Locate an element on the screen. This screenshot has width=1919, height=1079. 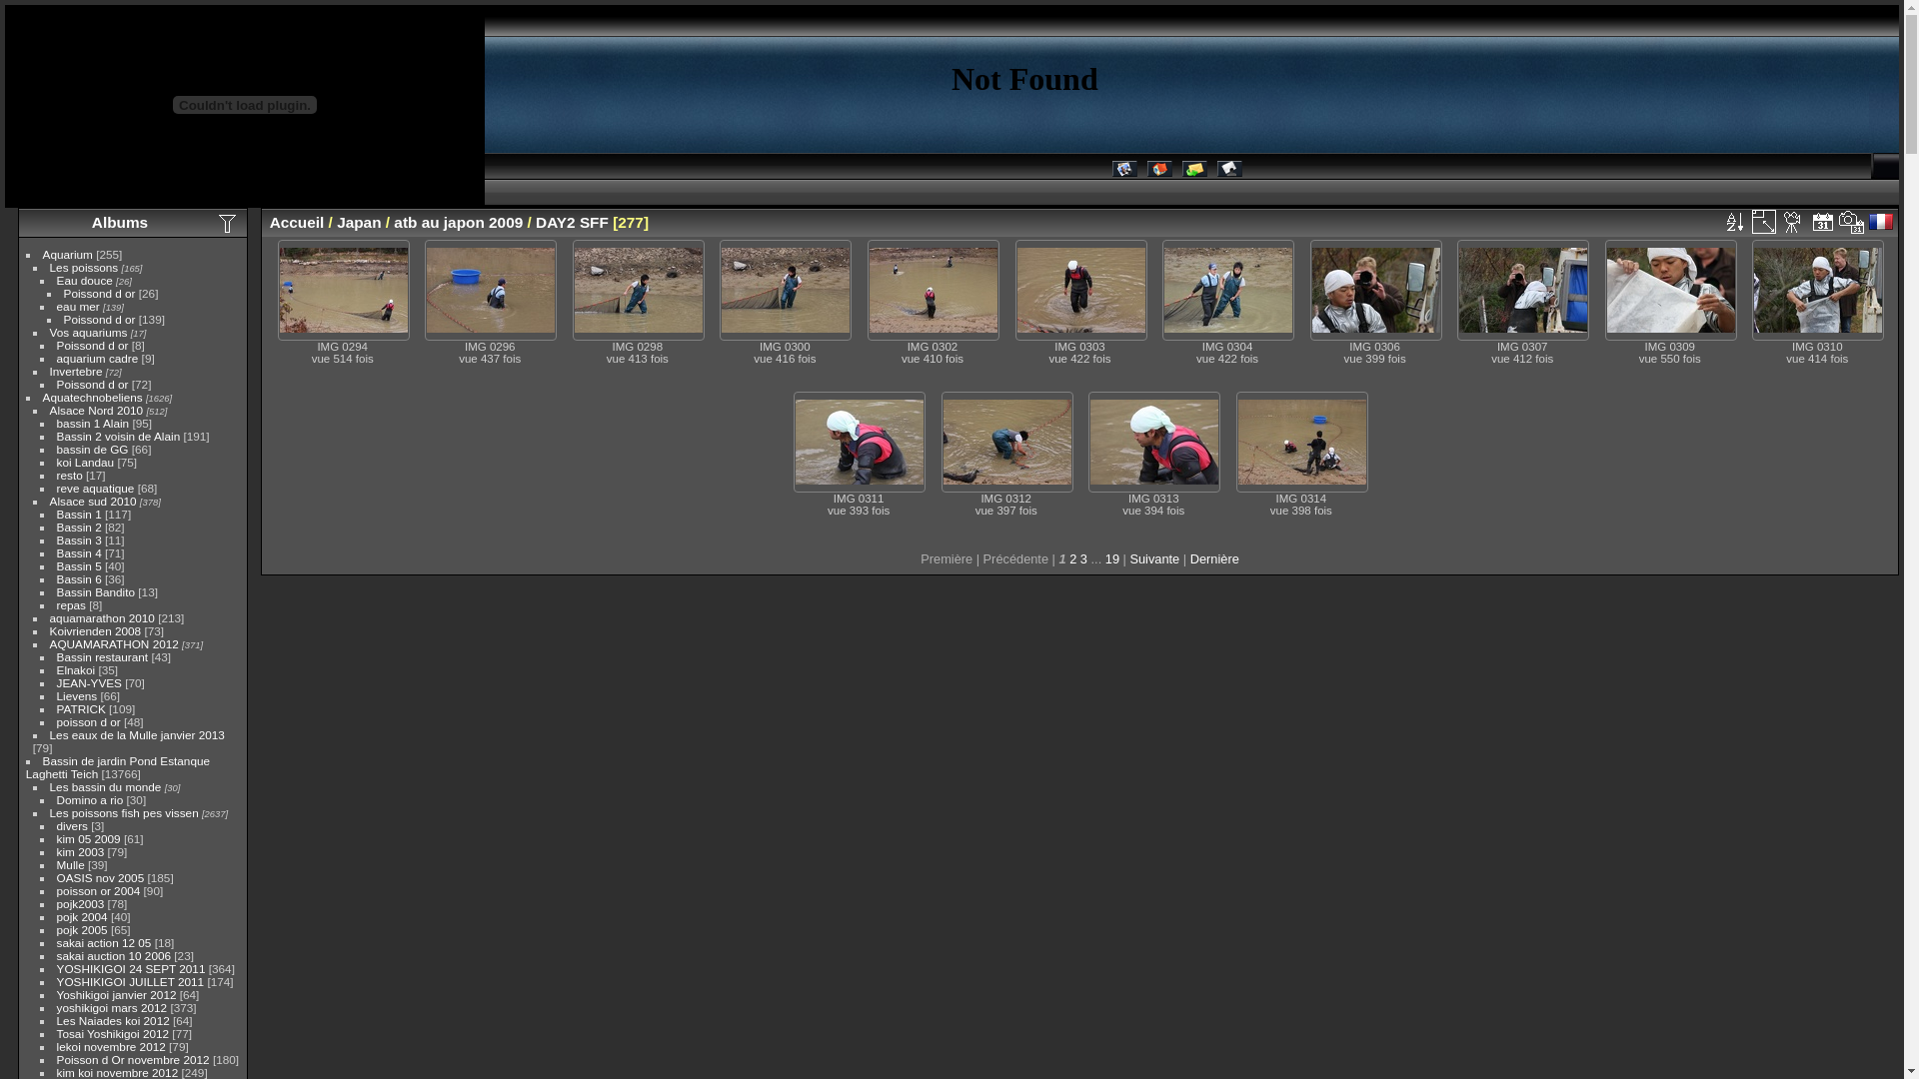
'Les eaux de la Mulle janvier 2013' is located at coordinates (136, 734).